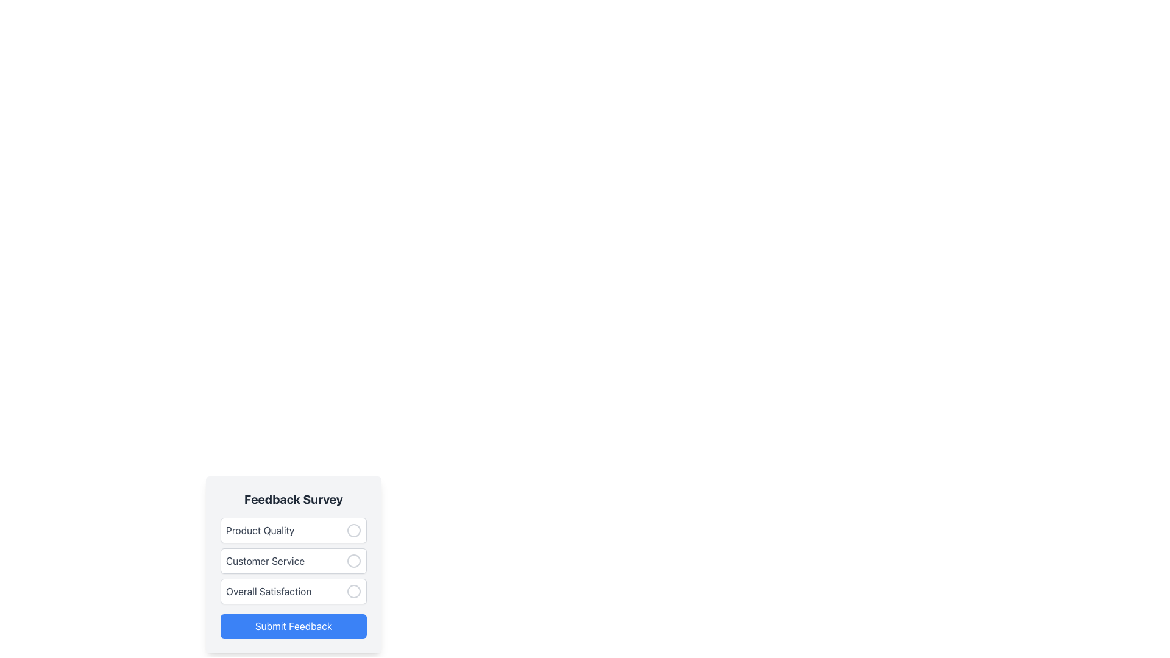  I want to click on the circular radio button for the 'Product Quality' option in the Feedback Survey list, so click(293, 530).